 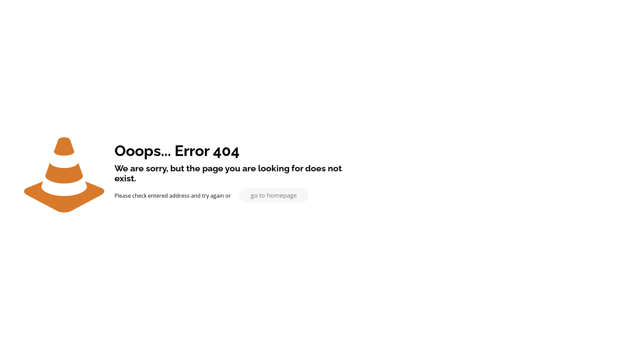 What do you see at coordinates (274, 195) in the screenshot?
I see `'go to homepage'` at bounding box center [274, 195].